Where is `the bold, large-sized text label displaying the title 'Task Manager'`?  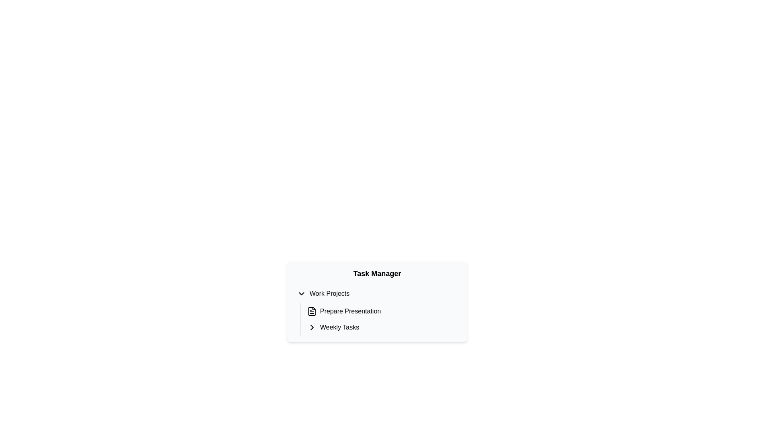 the bold, large-sized text label displaying the title 'Task Manager' is located at coordinates (376, 273).